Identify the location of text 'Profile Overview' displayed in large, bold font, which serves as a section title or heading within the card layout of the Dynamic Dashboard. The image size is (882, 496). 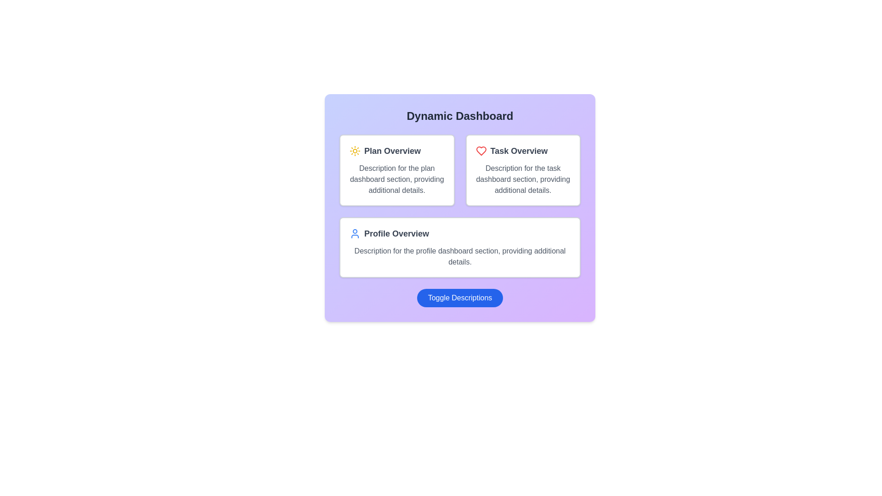
(396, 233).